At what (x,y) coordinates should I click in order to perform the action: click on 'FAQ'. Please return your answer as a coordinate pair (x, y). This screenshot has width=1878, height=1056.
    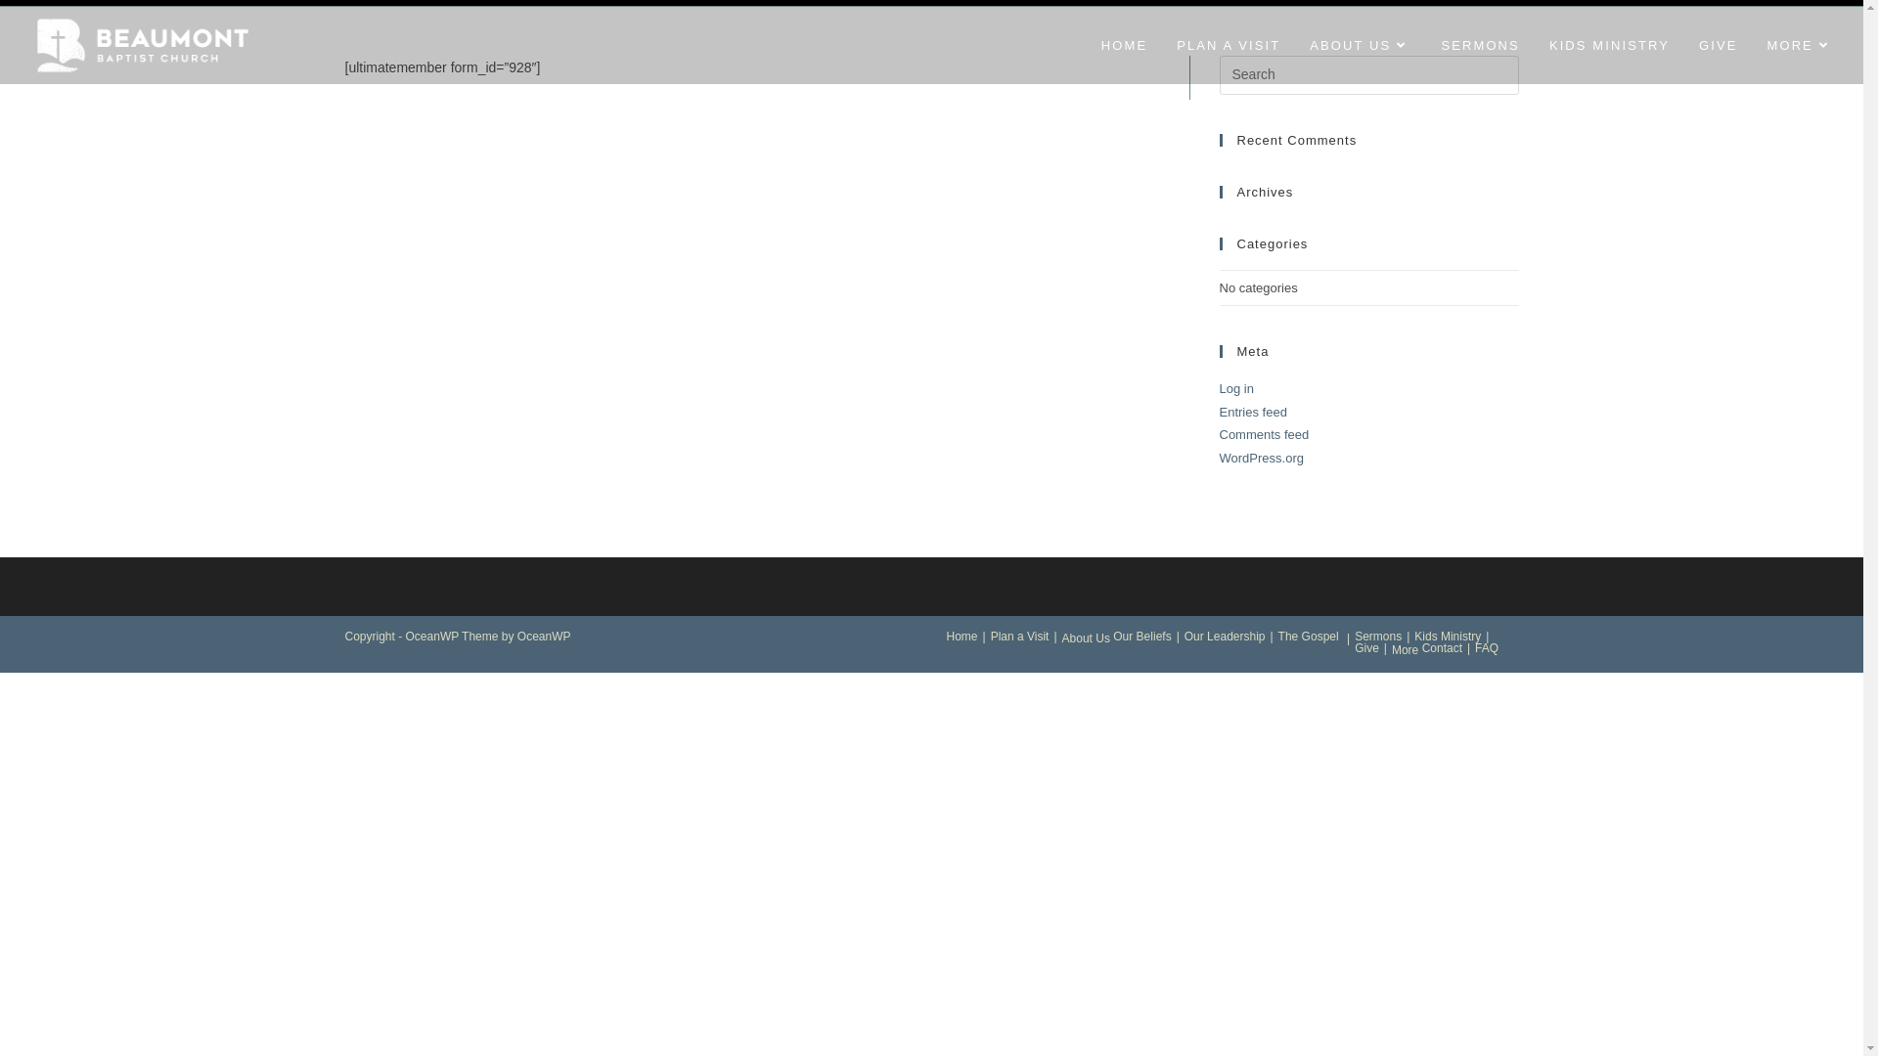
    Looking at the image, I should click on (1487, 648).